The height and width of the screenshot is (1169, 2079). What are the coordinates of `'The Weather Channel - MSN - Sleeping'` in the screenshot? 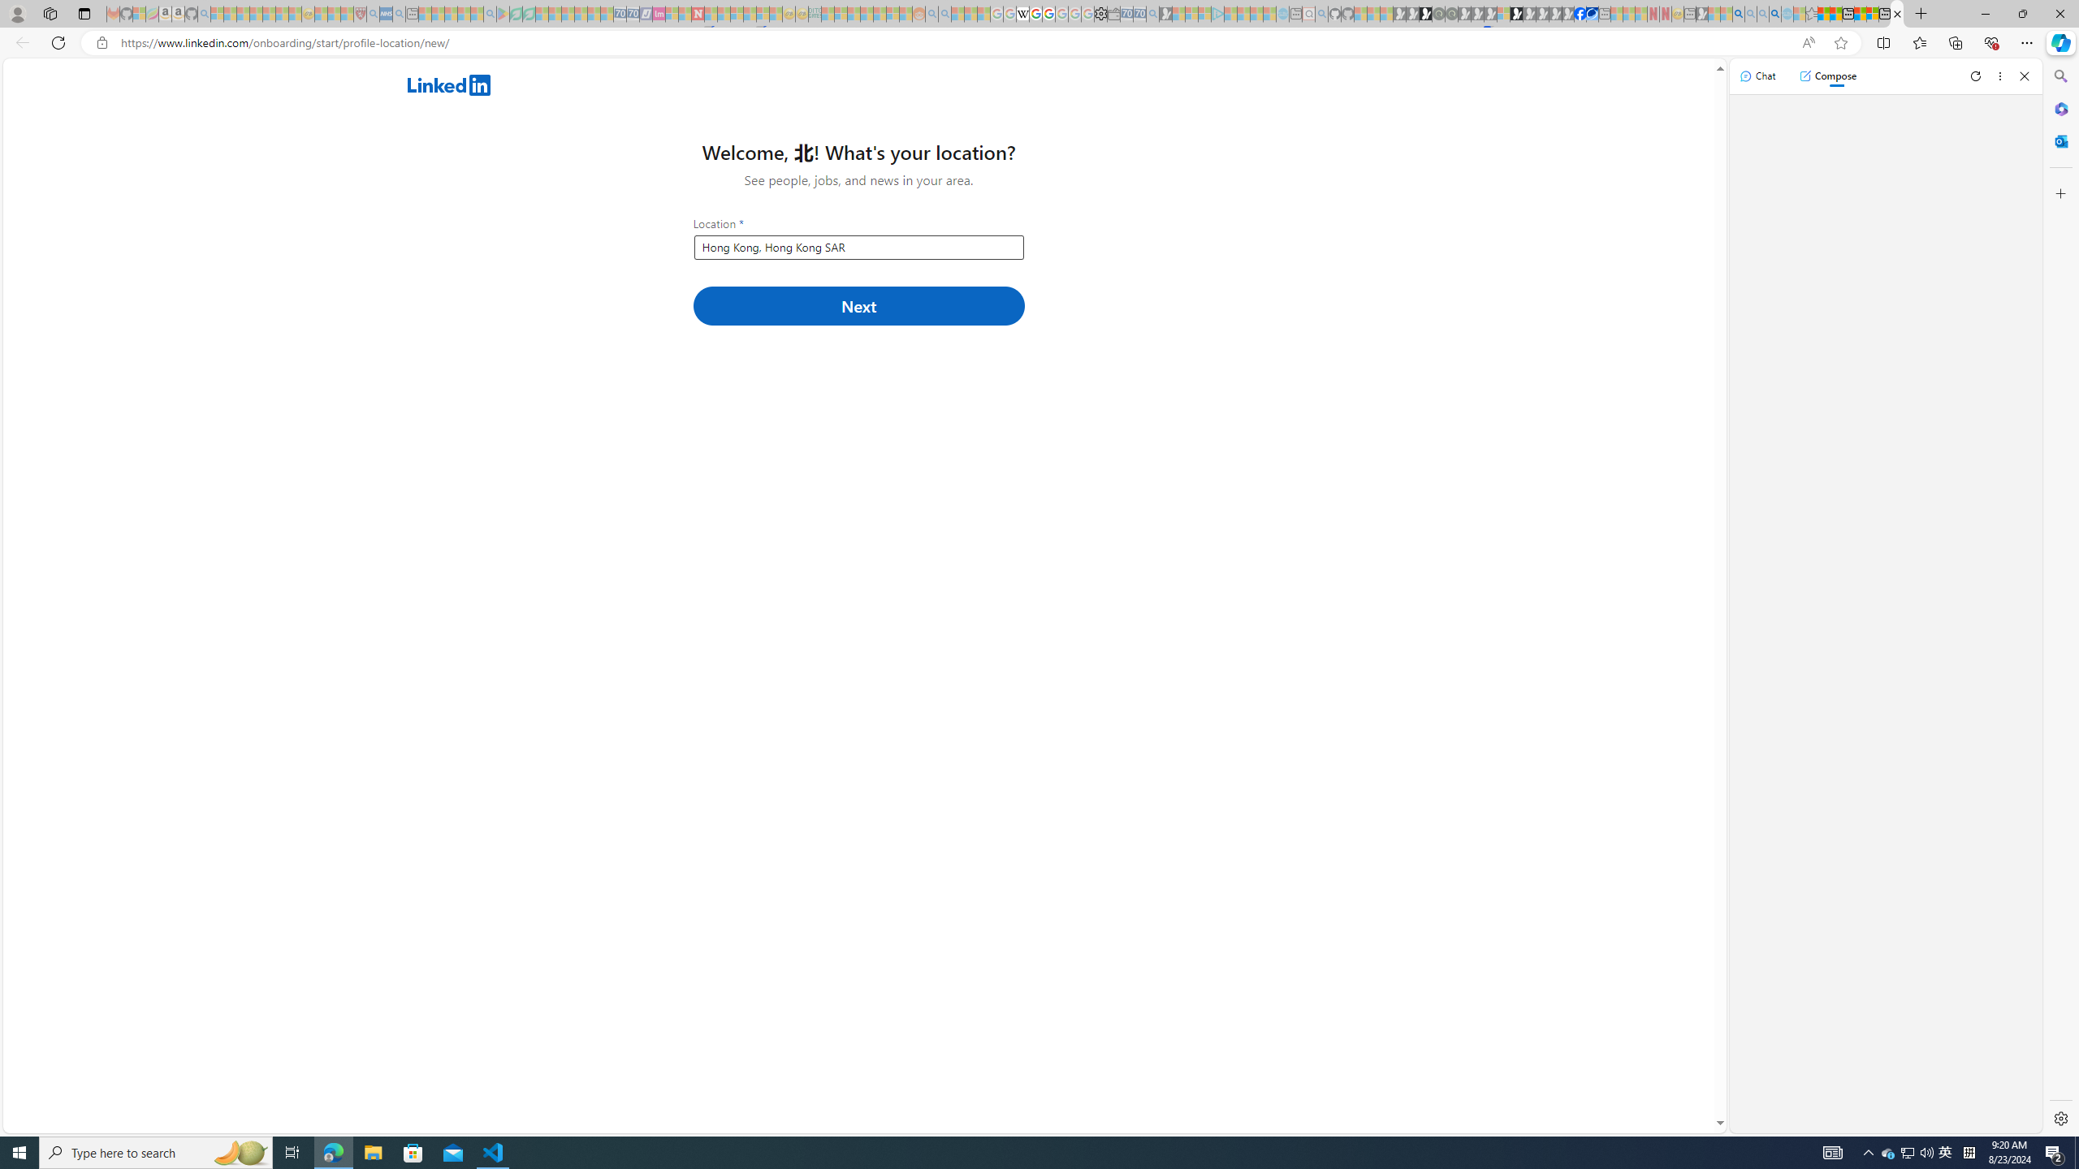 It's located at (242, 13).